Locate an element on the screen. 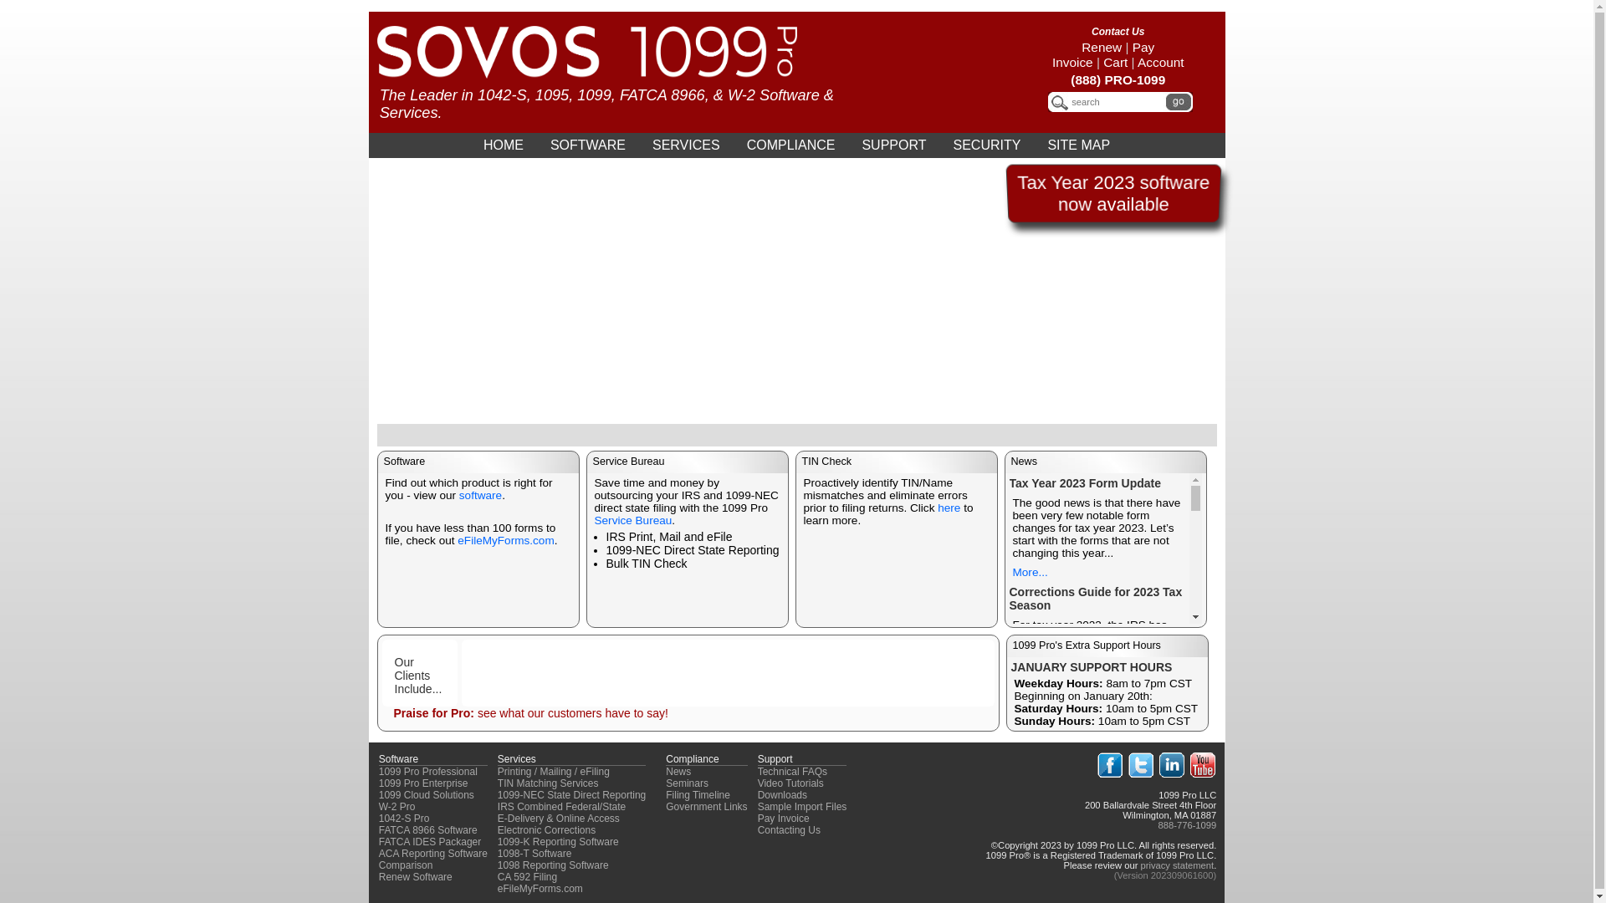  'Technical FAQs' is located at coordinates (791, 771).